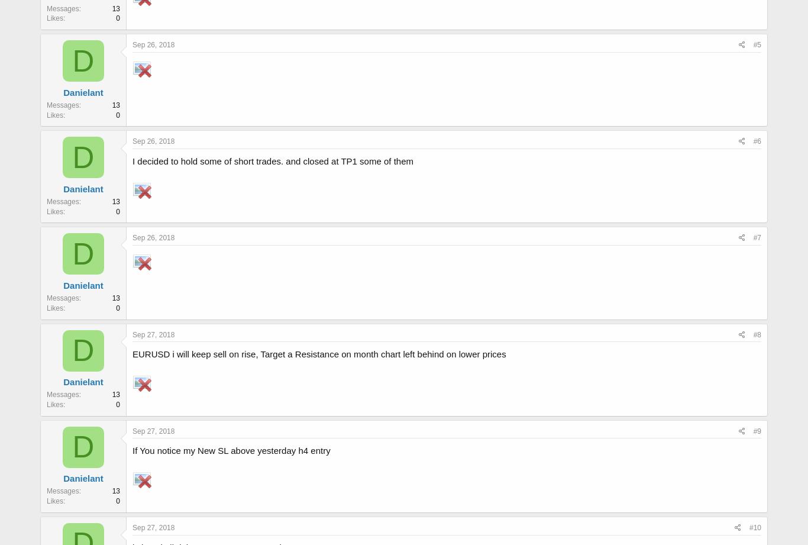 The width and height of the screenshot is (808, 545). Describe the element at coordinates (754, 526) in the screenshot. I see `'#10'` at that location.